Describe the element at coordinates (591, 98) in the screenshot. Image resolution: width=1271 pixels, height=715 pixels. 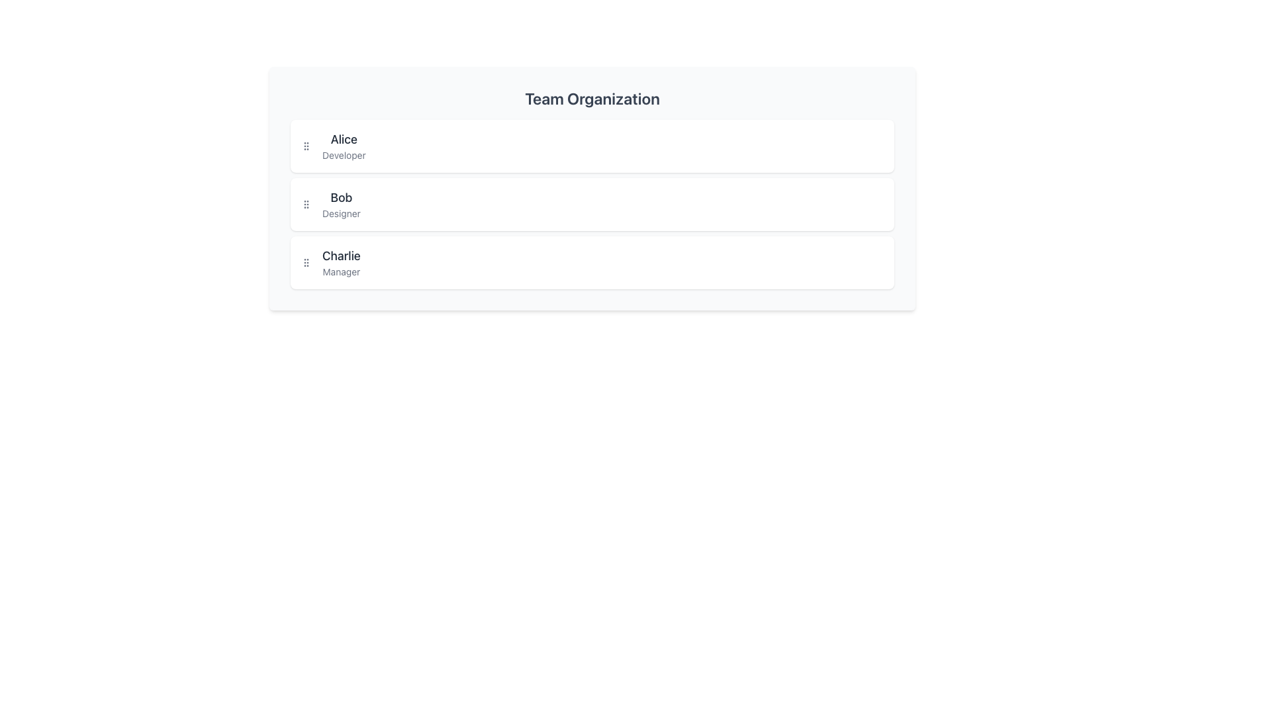
I see `the heading element that serves as the title for the section above the list of team members` at that location.